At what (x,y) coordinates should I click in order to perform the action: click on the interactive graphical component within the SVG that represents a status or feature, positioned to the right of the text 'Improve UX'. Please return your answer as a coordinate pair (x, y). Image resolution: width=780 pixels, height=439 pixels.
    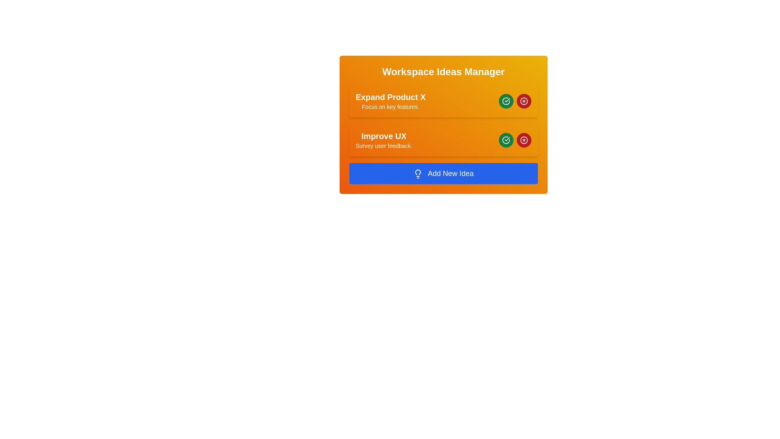
    Looking at the image, I should click on (505, 139).